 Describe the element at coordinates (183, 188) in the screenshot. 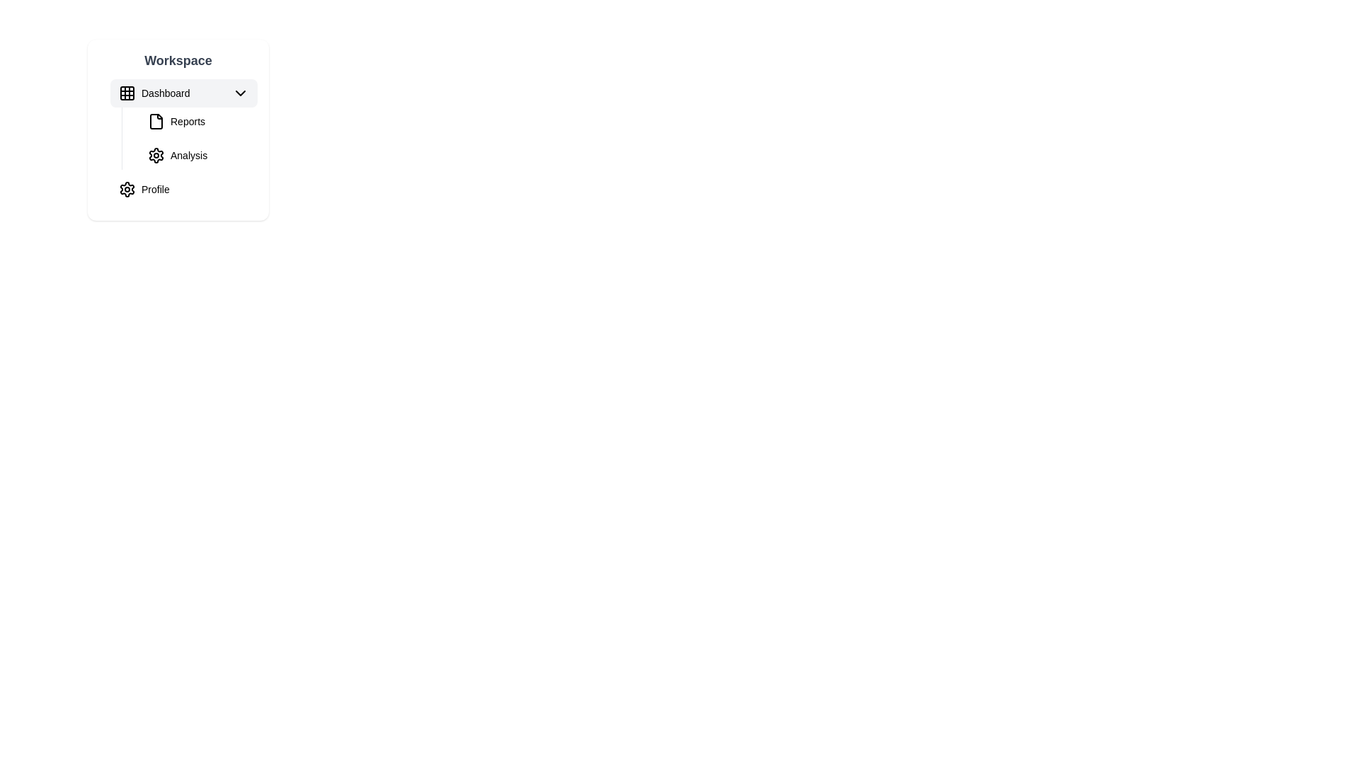

I see `the 'Profile' navigation item` at that location.